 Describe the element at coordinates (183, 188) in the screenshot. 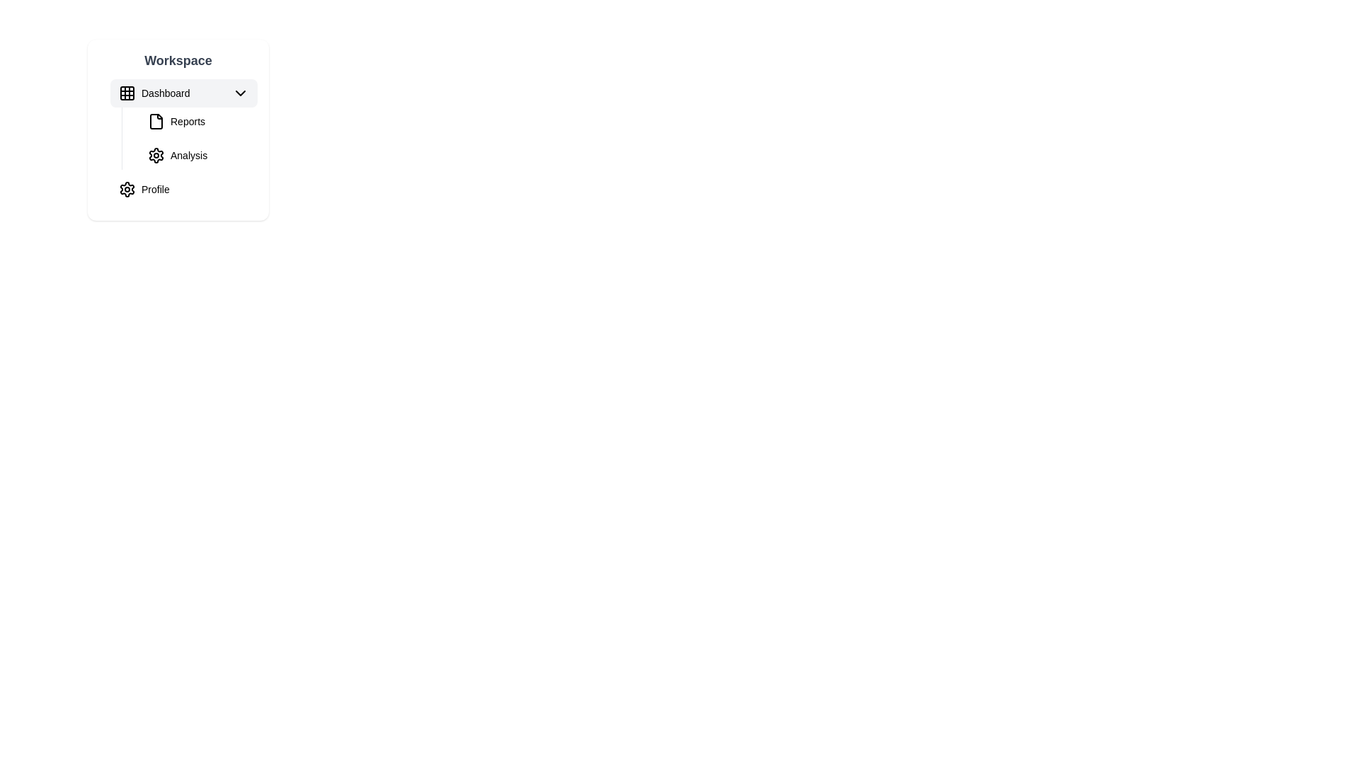

I see `the 'Profile' navigation item` at that location.